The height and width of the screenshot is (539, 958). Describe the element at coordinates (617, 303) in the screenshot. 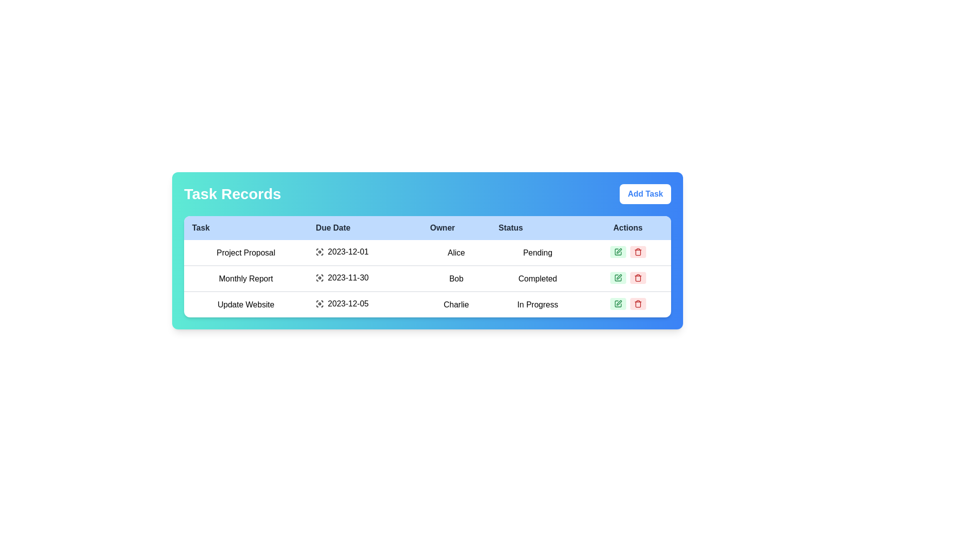

I see `the green pen icon button located in the 'Actions' column of the last row in the 'Task Records' table` at that location.